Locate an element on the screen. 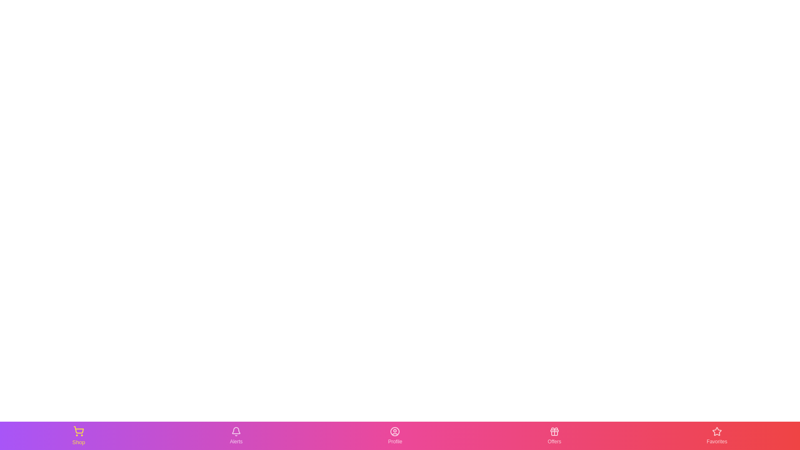 The width and height of the screenshot is (800, 450). the Alerts tab in the bottom navigation bar is located at coordinates (235, 435).